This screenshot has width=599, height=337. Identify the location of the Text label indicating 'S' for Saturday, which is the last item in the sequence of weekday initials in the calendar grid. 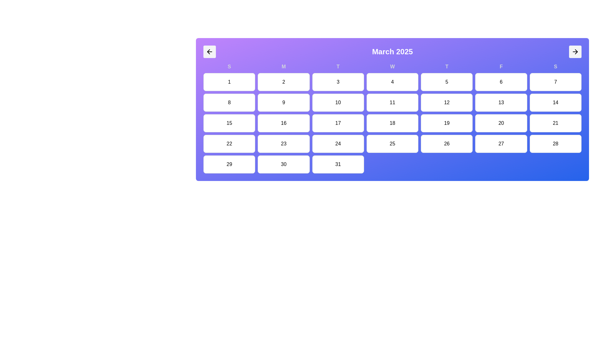
(555, 66).